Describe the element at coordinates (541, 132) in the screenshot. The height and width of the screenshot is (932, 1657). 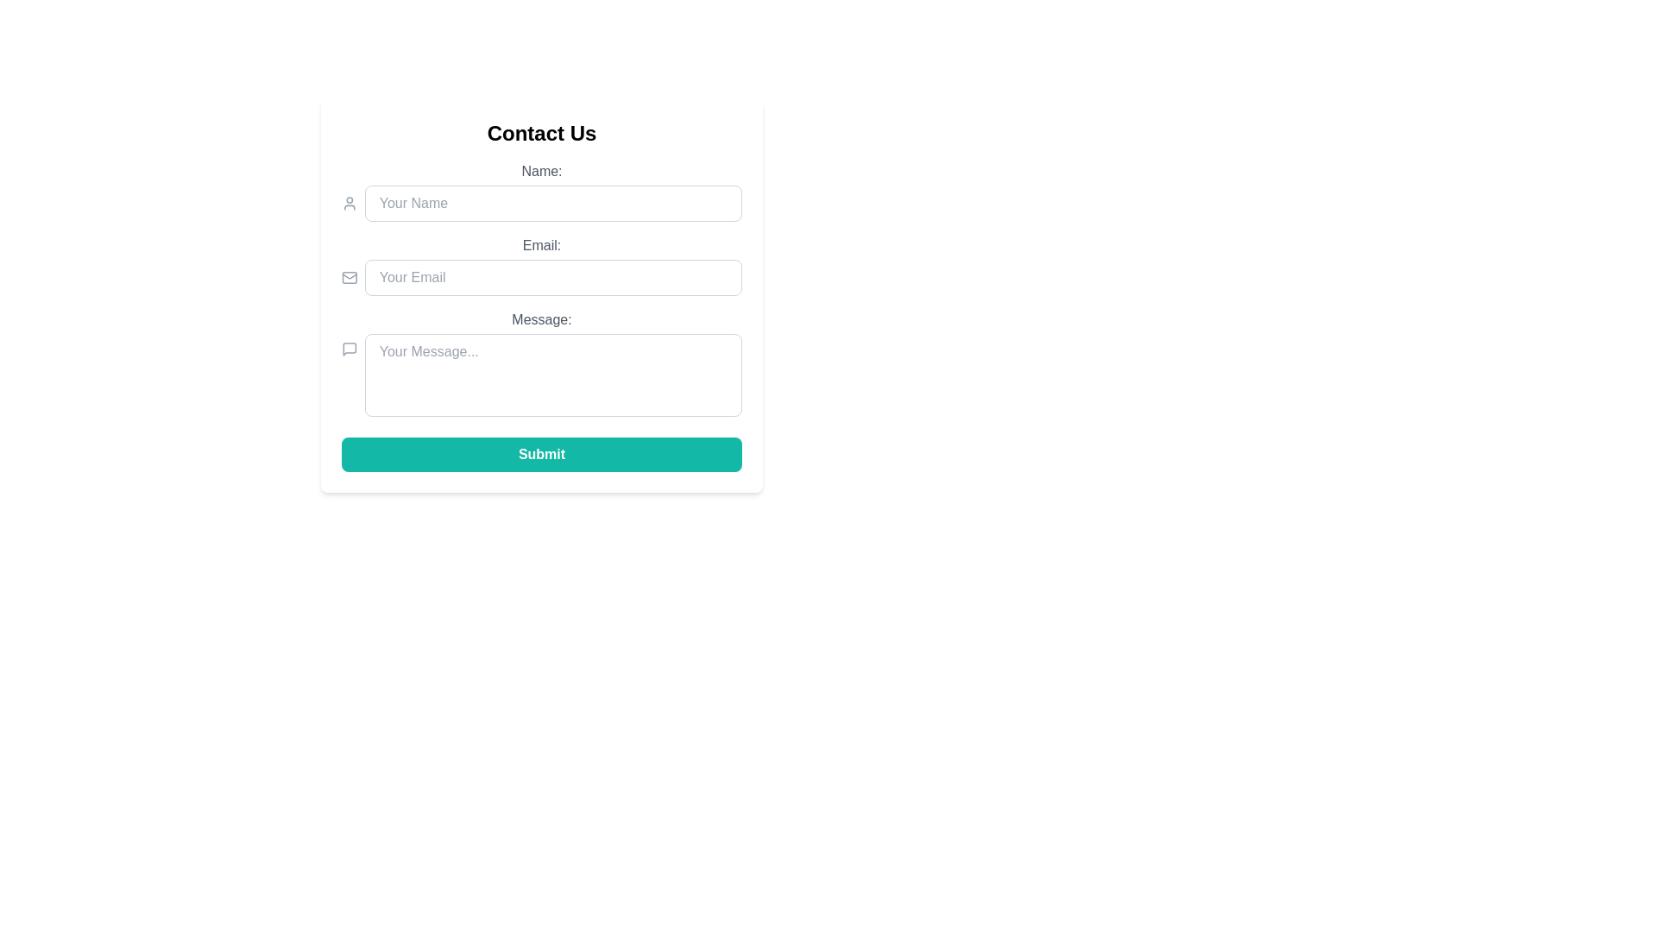
I see `text heading 'Contact Us' which is styled in a bold, large font and is positioned at the top of the form component` at that location.